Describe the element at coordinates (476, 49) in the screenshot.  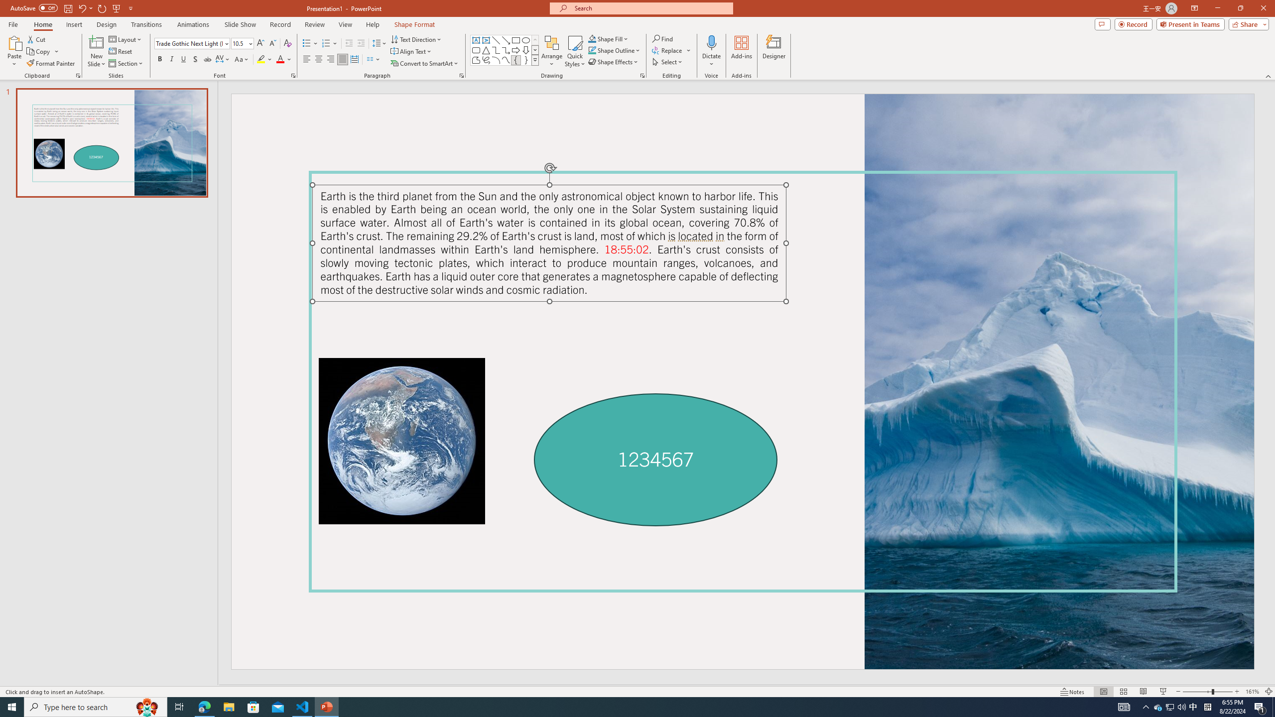
I see `'Rectangle: Rounded Corners'` at that location.